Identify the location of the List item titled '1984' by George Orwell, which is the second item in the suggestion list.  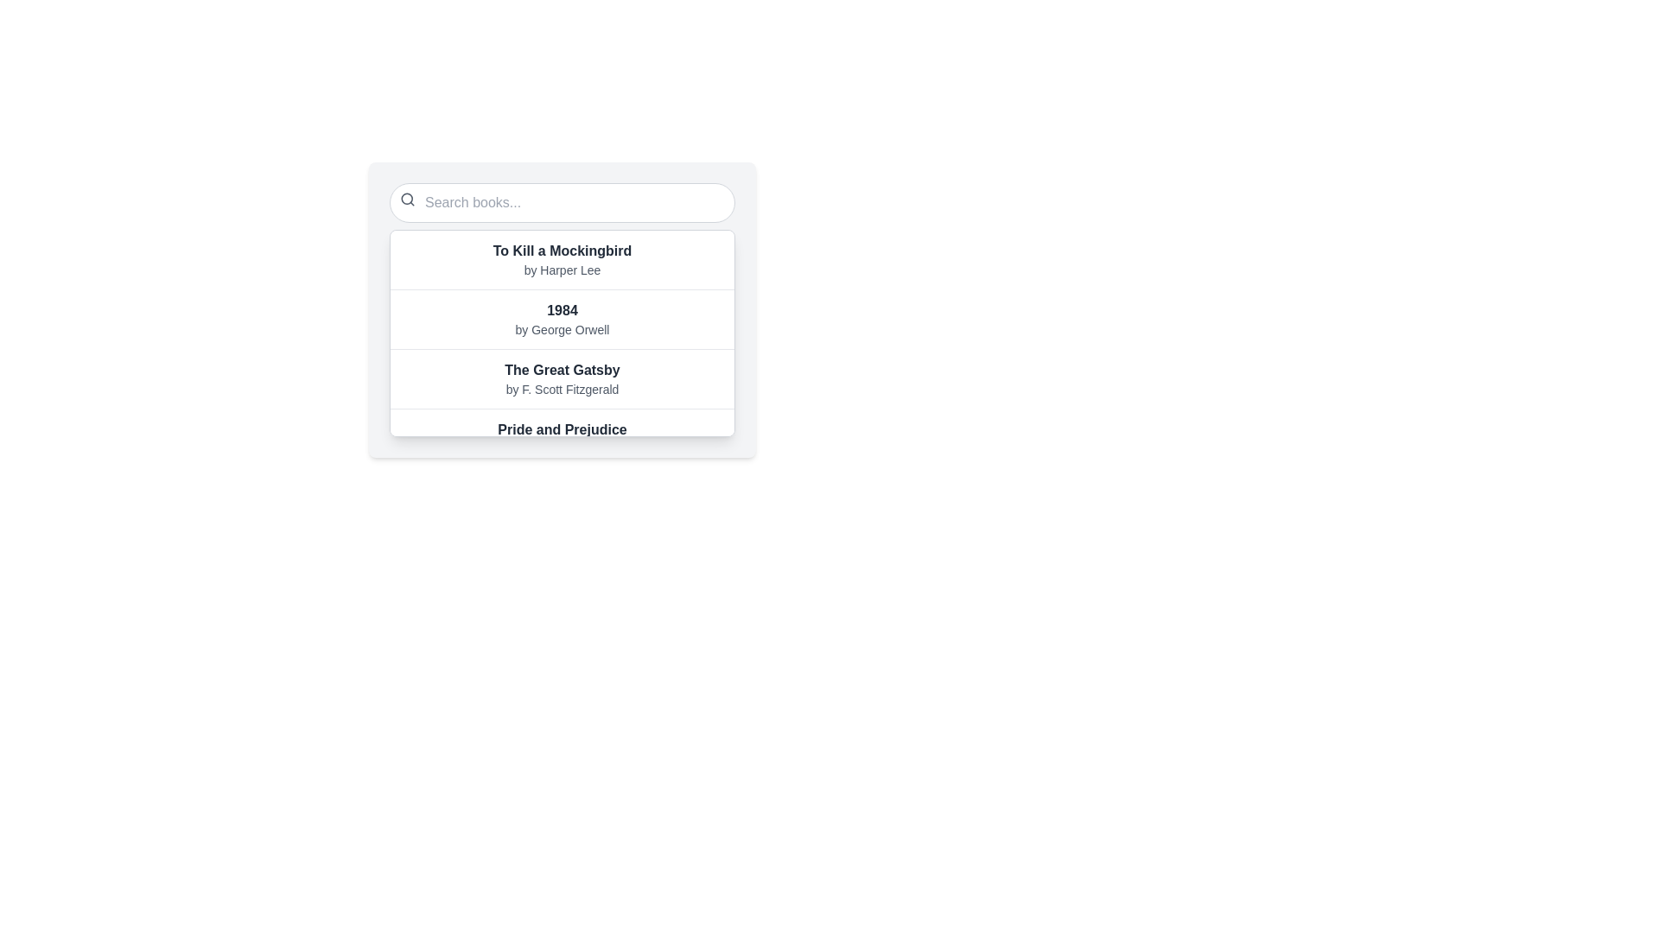
(563, 319).